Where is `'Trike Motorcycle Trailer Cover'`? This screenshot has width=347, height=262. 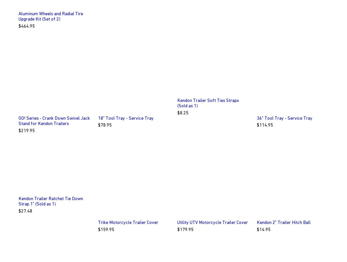
'Trike Motorcycle Trailer Cover' is located at coordinates (128, 222).